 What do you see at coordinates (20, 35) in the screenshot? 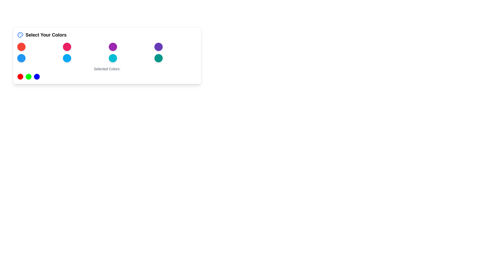
I see `the color palette icon located at the top-left side of the 'Select Your Colors' section` at bounding box center [20, 35].